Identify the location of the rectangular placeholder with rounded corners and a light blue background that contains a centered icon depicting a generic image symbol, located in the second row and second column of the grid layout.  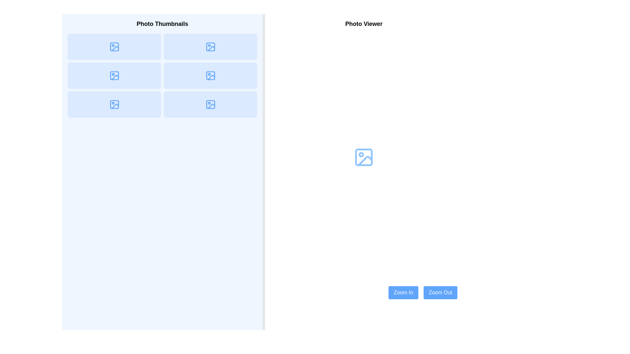
(210, 104).